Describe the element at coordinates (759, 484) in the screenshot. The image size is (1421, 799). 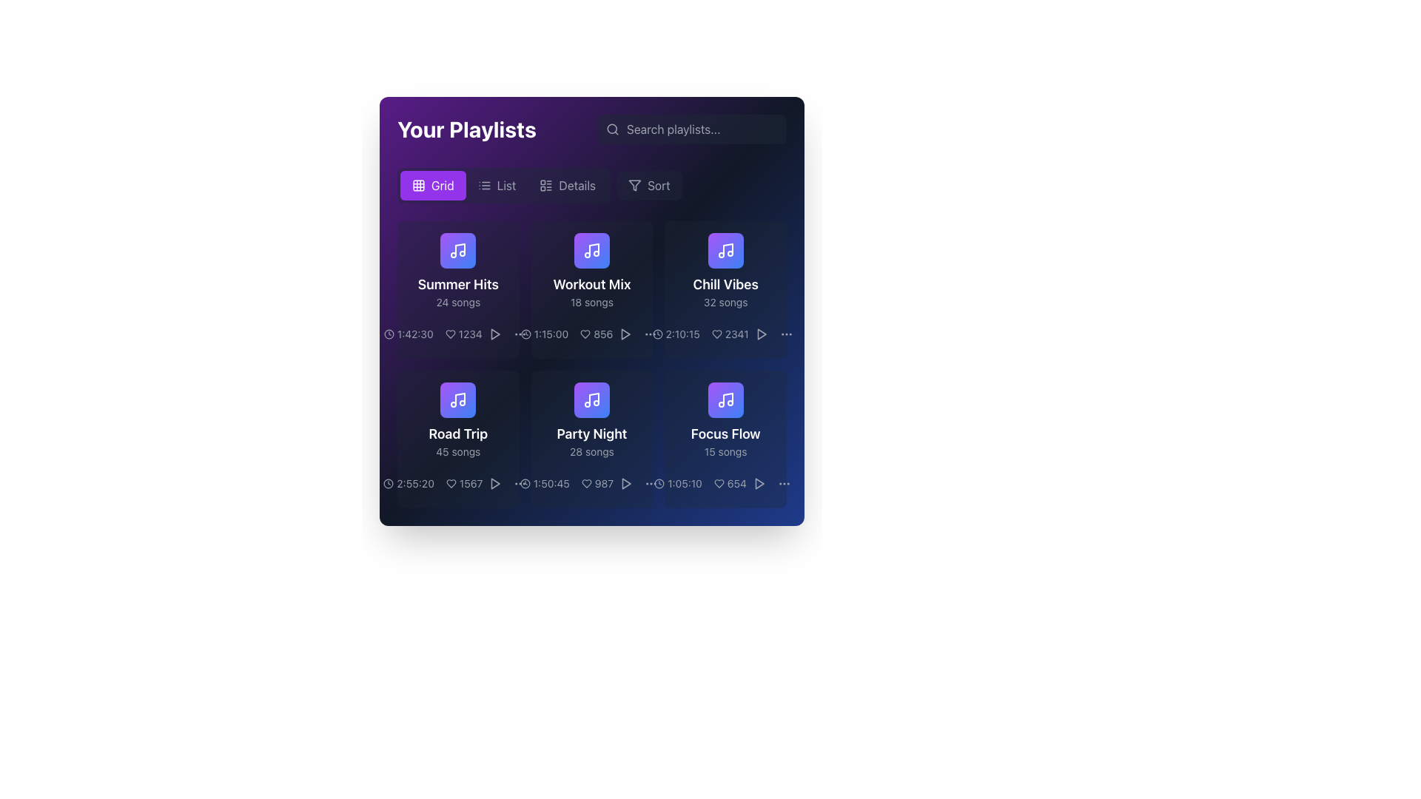
I see `the play button icon located at the bottom-right of the 'Focus Flow' playlist card` at that location.